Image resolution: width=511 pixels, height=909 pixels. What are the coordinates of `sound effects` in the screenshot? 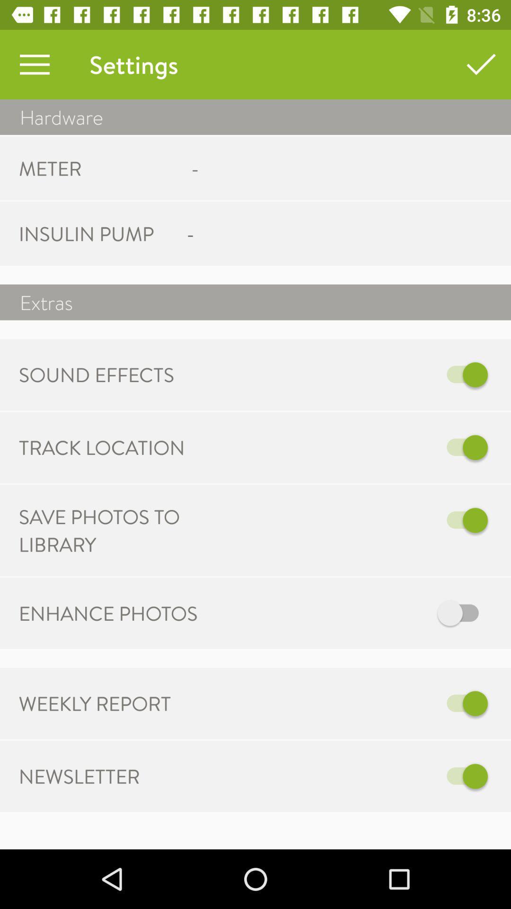 It's located at (388, 374).